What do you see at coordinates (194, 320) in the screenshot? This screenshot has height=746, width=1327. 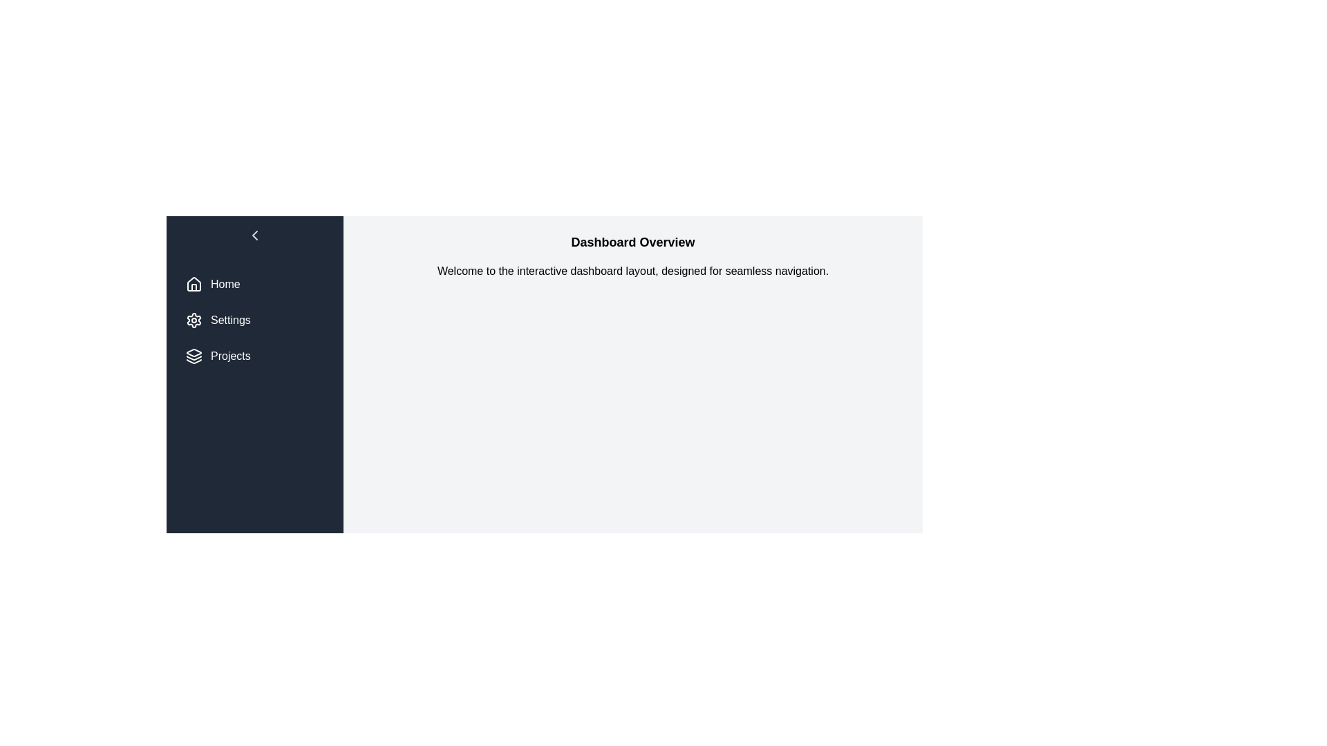 I see `the gear-shaped settings icon represented by white lines on a dark background located in the sidebar beneath the 'Home' icon` at bounding box center [194, 320].